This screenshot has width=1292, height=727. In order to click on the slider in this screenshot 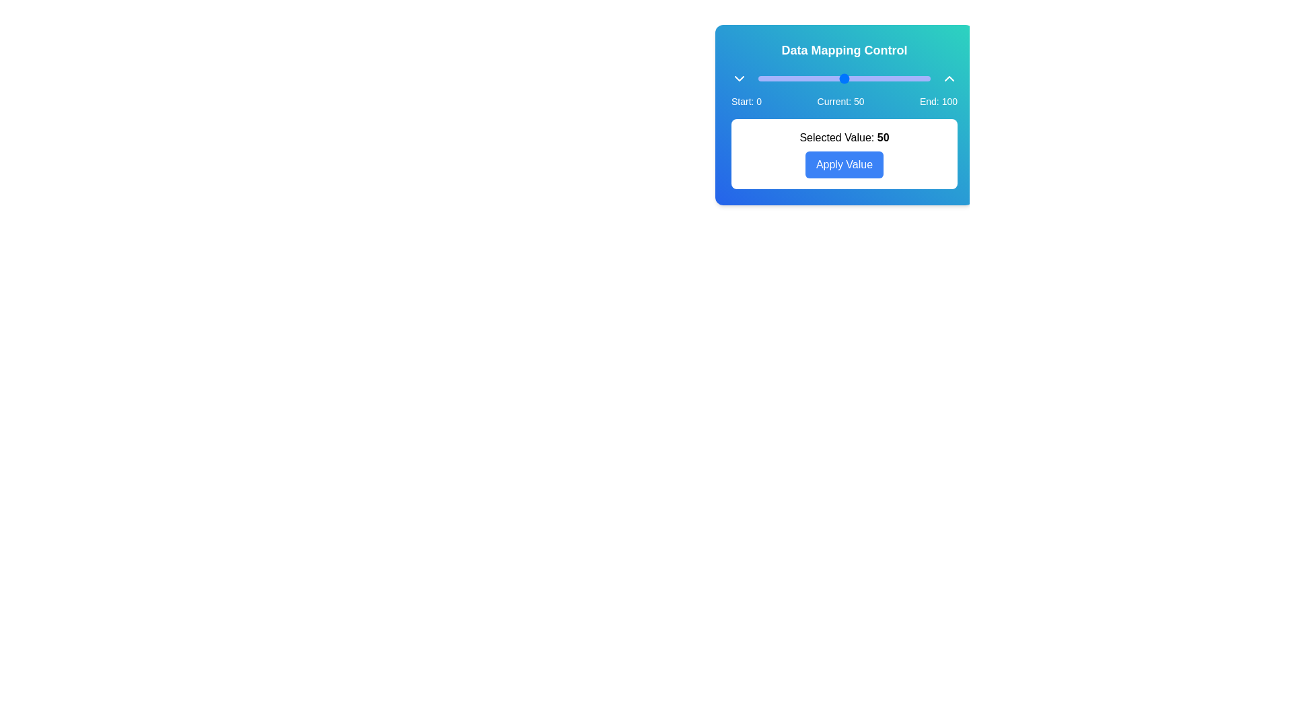, I will do `click(847, 78)`.